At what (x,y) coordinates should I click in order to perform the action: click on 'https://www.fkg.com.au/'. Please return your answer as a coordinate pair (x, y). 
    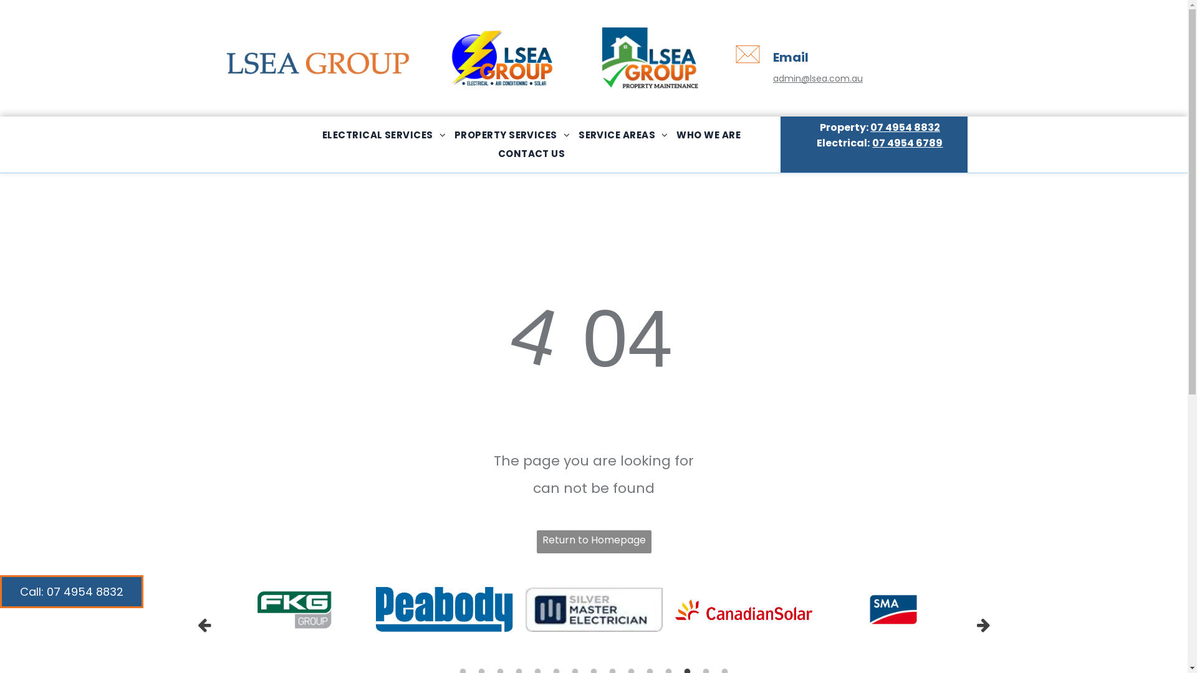
    Looking at the image, I should click on (294, 609).